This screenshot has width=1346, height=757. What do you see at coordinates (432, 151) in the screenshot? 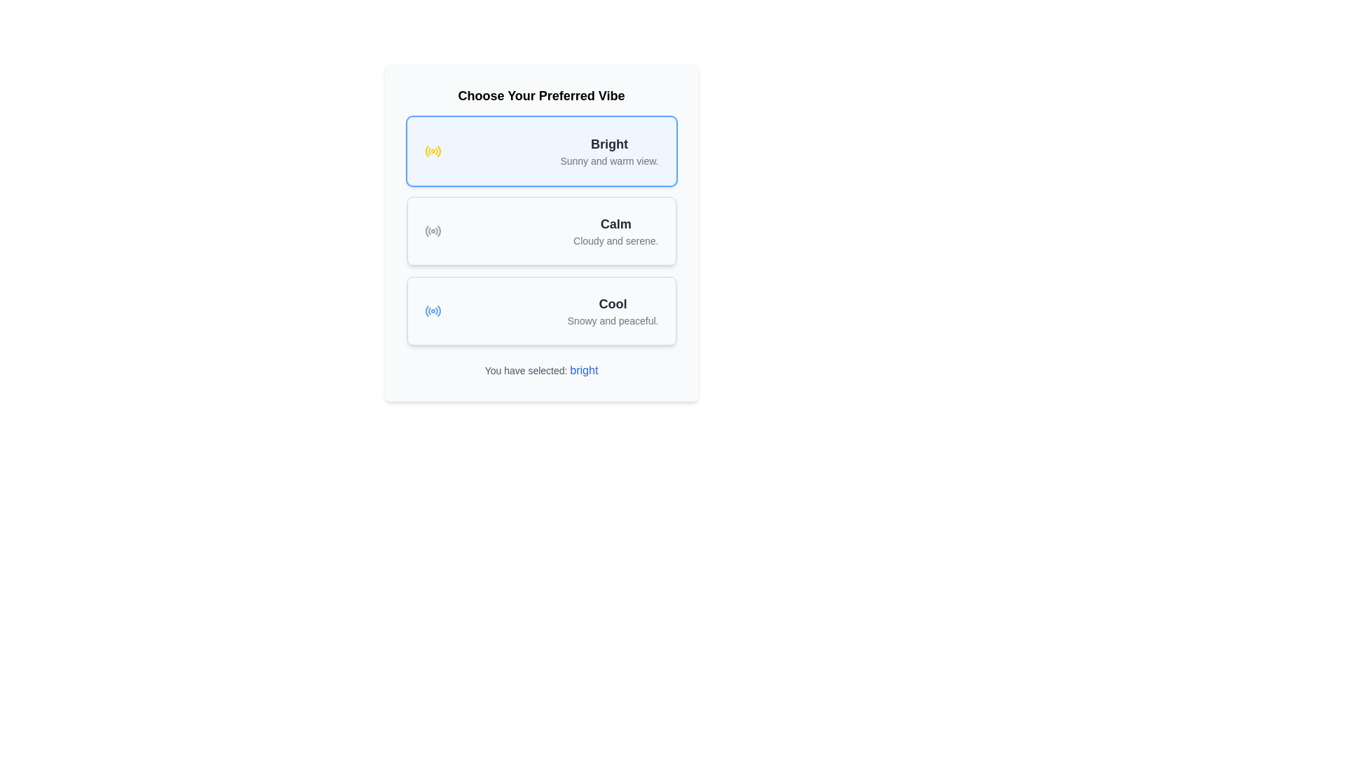
I see `the 'Bright' option indicator to confirm if it is currently selected, as it visually signifies the selection within the mood options list` at bounding box center [432, 151].